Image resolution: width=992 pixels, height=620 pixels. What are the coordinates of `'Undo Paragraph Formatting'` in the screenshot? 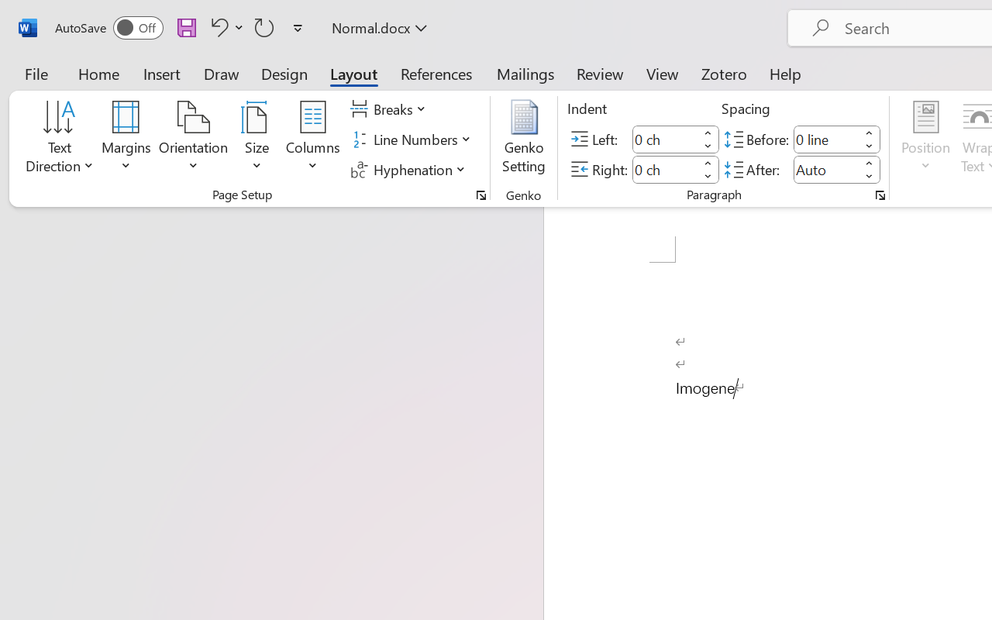 It's located at (216, 26).